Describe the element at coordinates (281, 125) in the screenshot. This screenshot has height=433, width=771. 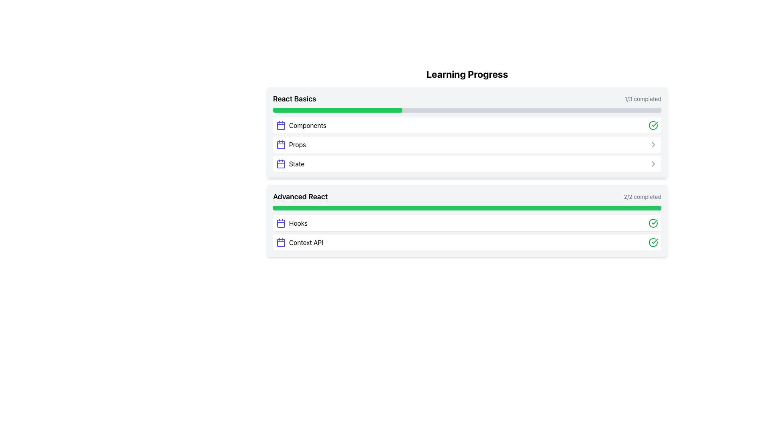
I see `the rectangular shape with rounded corners within the SVG calendar icon located in the 'Components' item of the 'React Basics' section` at that location.